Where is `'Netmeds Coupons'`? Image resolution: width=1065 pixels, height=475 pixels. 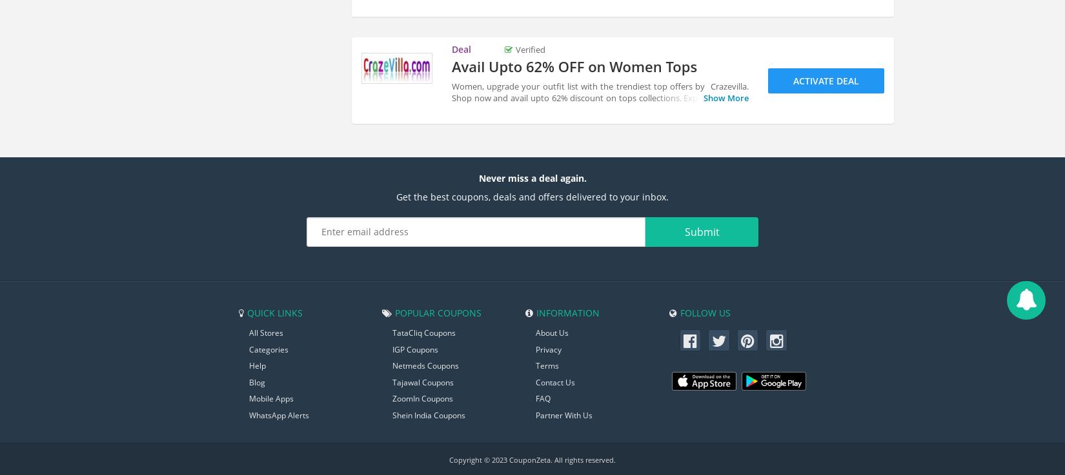
'Netmeds Coupons' is located at coordinates (425, 365).